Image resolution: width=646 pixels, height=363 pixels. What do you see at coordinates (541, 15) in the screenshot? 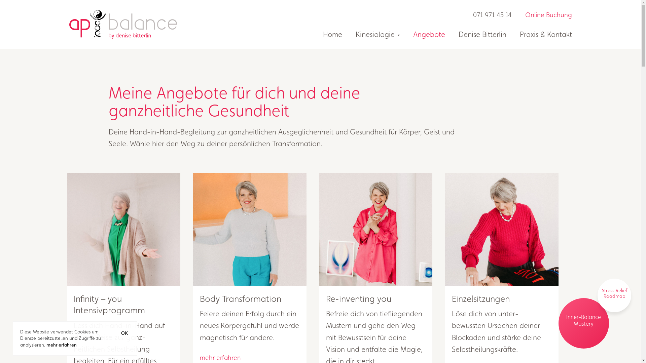
I see `'Online Buchung'` at bounding box center [541, 15].